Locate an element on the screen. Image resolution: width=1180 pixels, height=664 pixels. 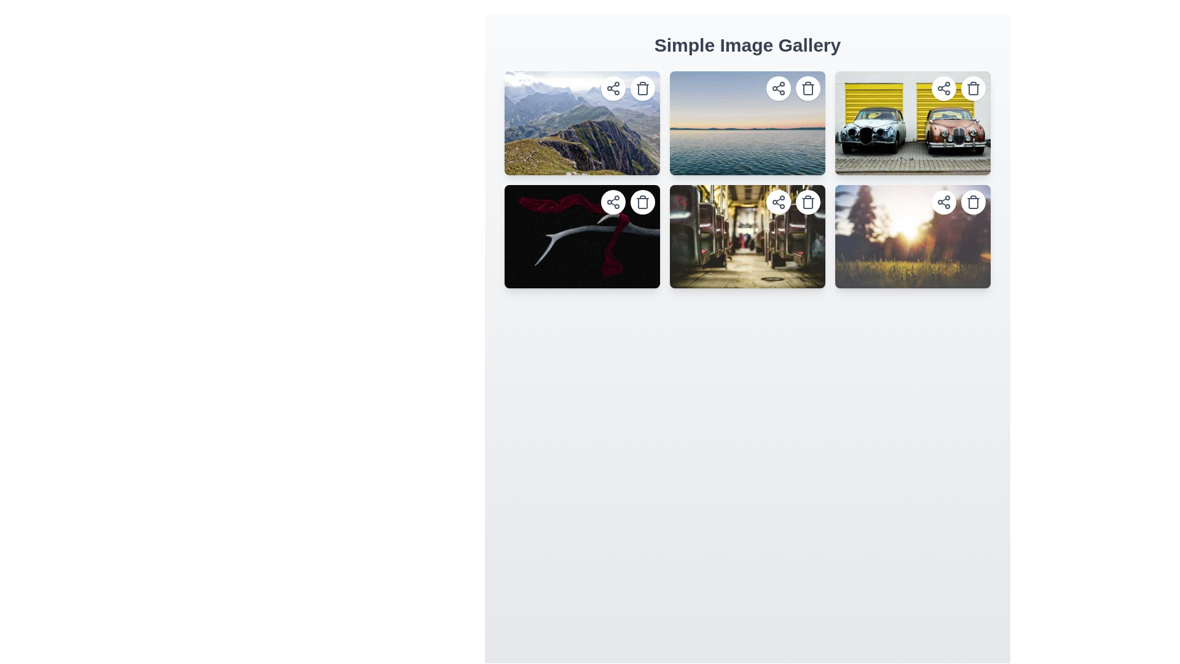
the delete button located is located at coordinates (642, 87).